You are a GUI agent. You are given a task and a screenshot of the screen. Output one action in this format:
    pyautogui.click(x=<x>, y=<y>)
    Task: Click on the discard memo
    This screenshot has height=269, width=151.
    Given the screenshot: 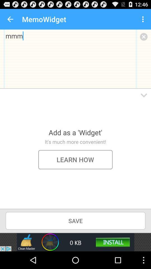 What is the action you would take?
    pyautogui.click(x=144, y=36)
    